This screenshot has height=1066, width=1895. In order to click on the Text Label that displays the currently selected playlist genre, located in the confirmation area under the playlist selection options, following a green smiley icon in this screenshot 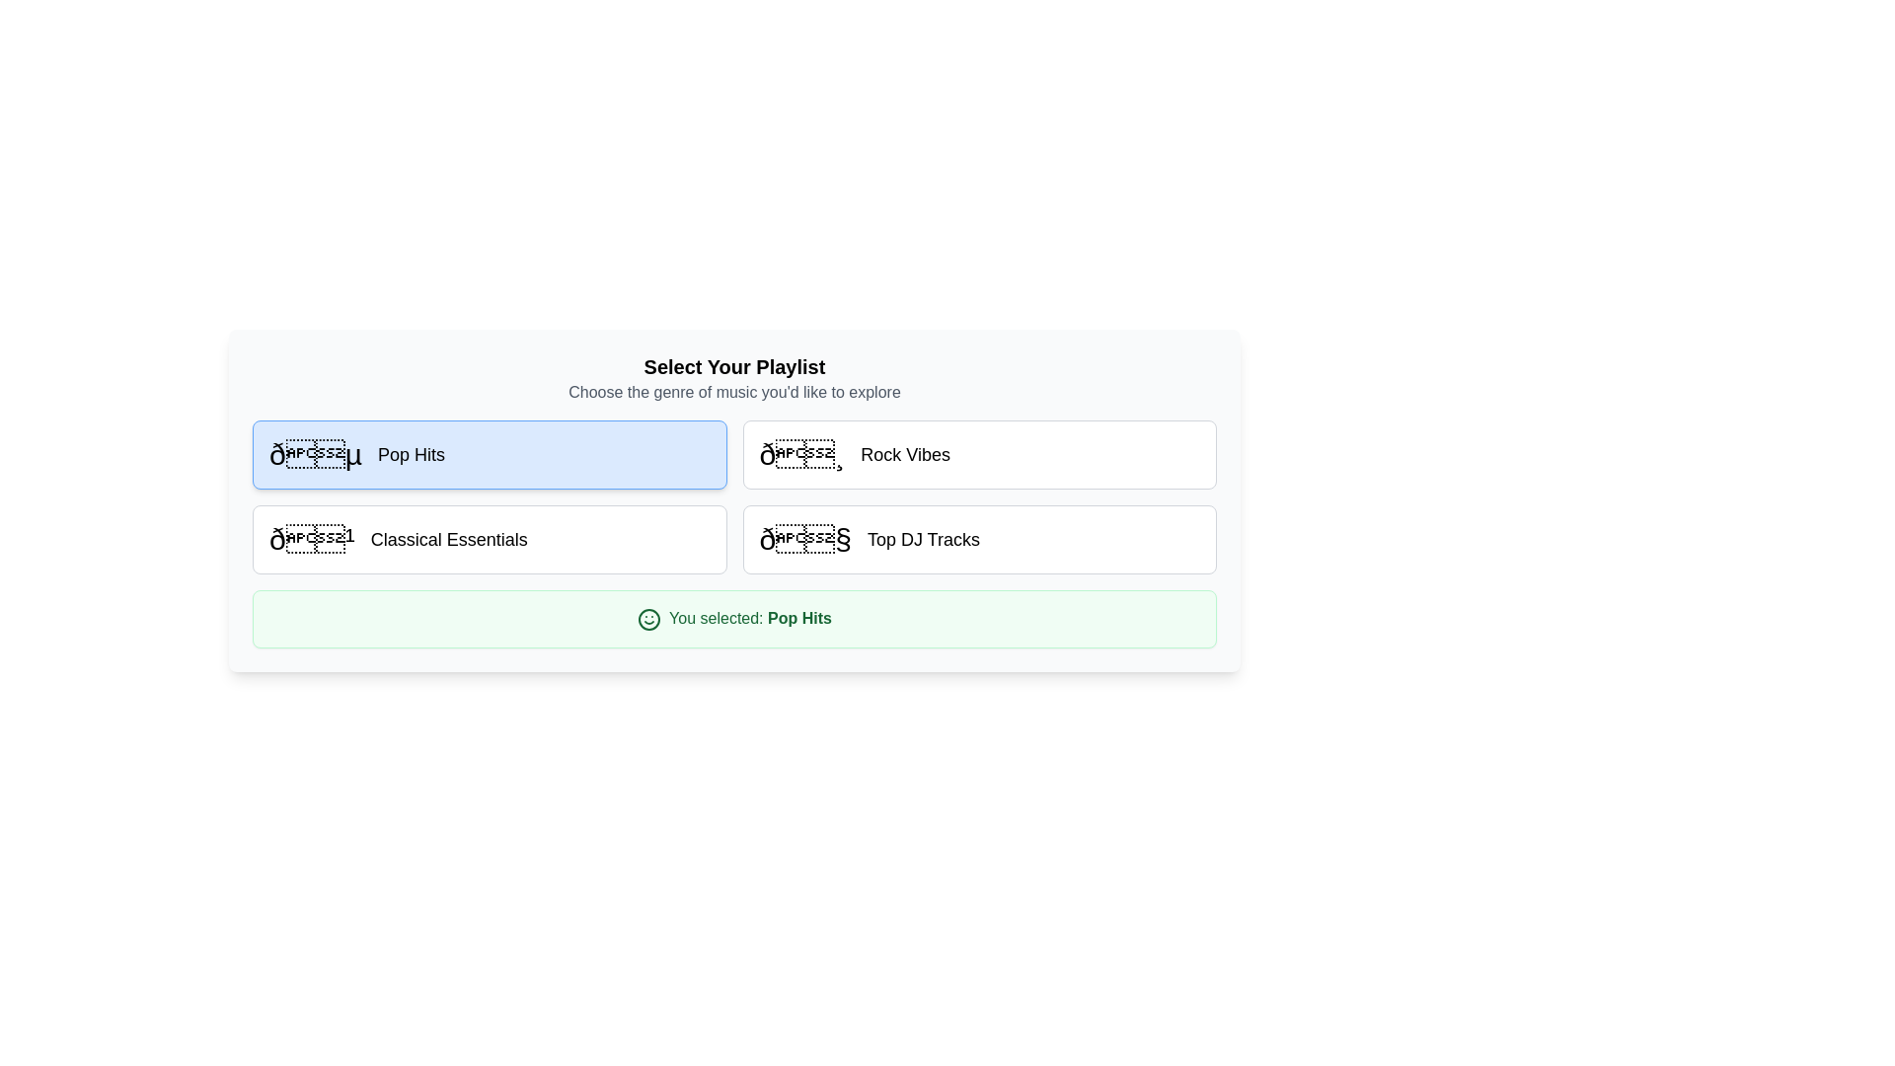, I will do `click(799, 617)`.